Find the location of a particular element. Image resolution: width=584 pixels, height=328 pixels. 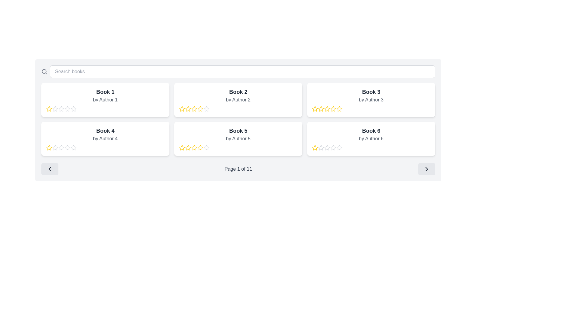

the fifth star-shaped rating icon, which is part of a series of stars used for ratings in the 'Book 6' card is located at coordinates (333, 148).